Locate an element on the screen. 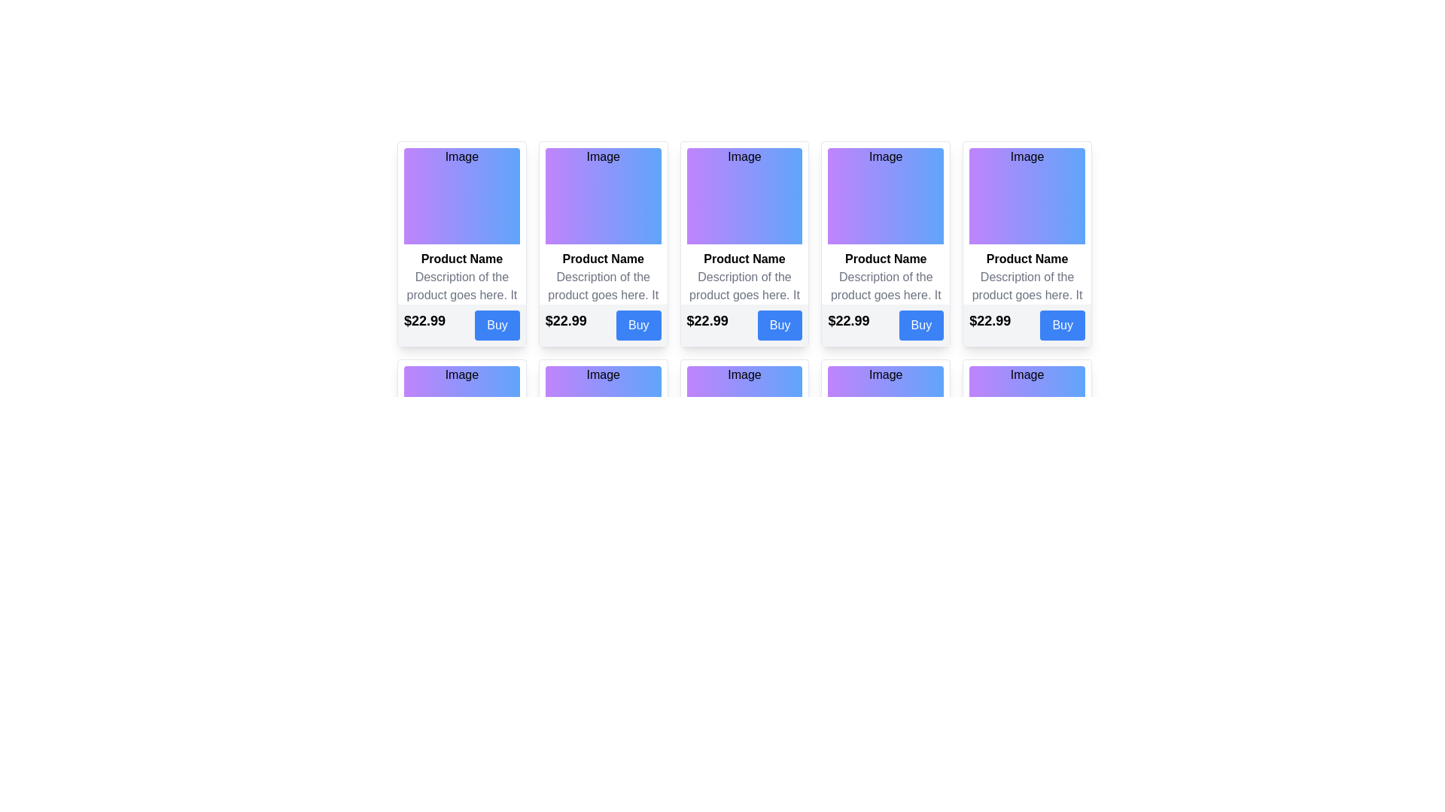 The image size is (1445, 812). the 'Buy' button, which is a rectangular button with rounded corners, blue background, and white text, located beneath the price label '$22.99' is located at coordinates (497, 324).